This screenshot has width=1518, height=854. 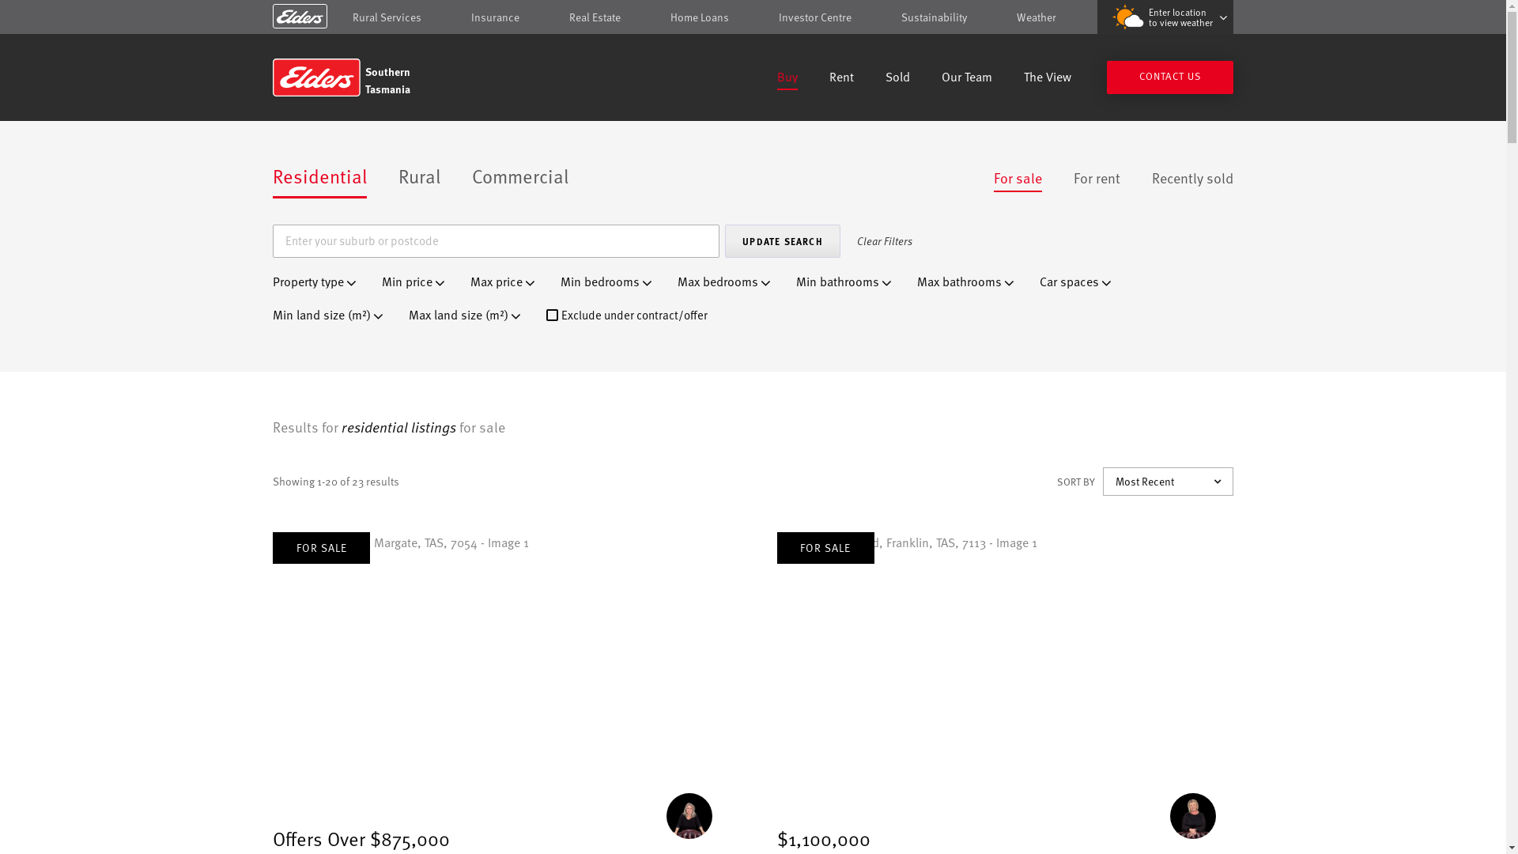 What do you see at coordinates (0, 18) in the screenshot?
I see `'Skip to content'` at bounding box center [0, 18].